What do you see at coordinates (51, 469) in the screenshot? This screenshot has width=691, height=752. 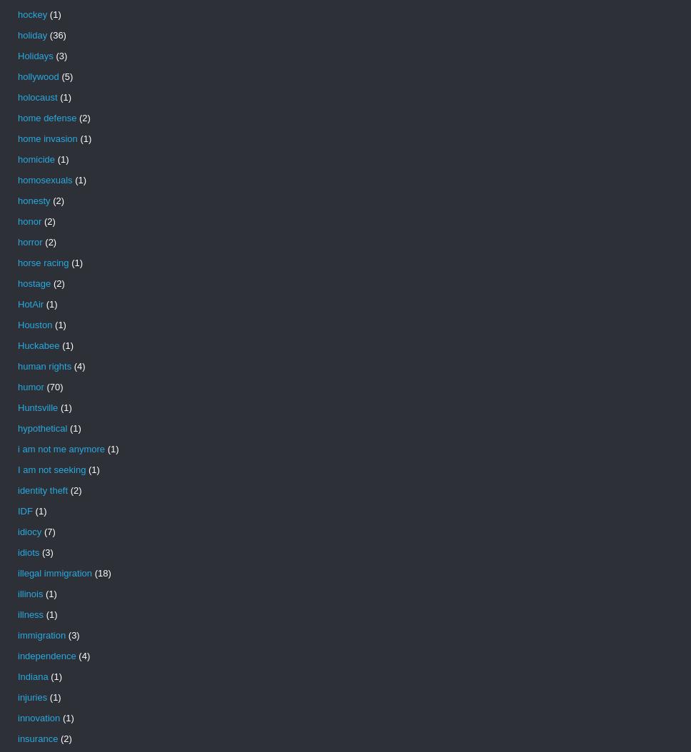 I see `'I am not seeking'` at bounding box center [51, 469].